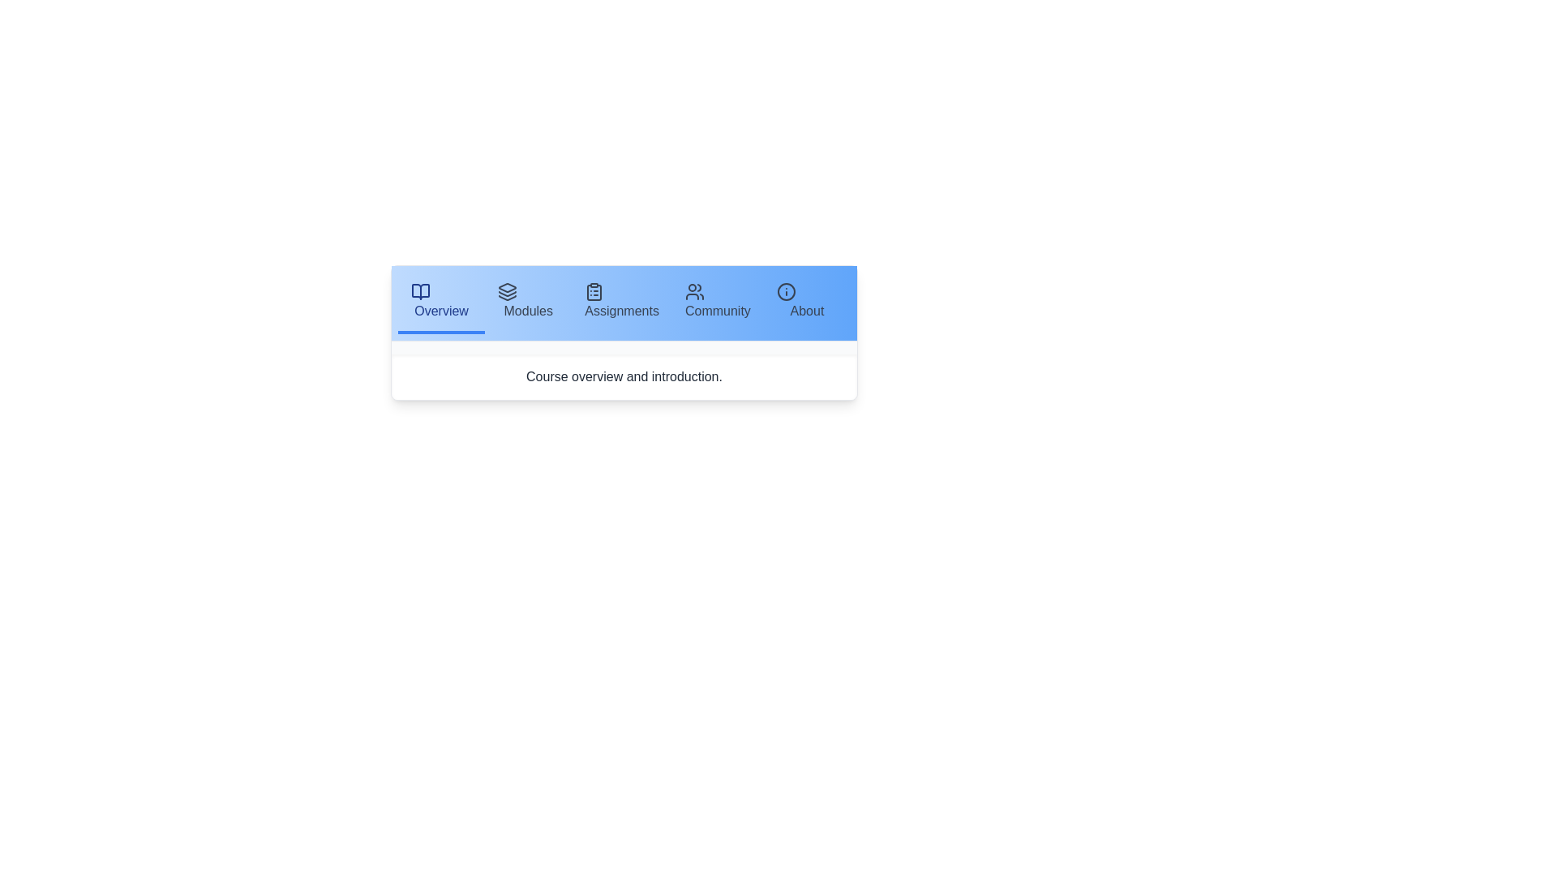 This screenshot has height=876, width=1557. Describe the element at coordinates (441, 311) in the screenshot. I see `the 'Overview' text label within the button in the top navigation bar` at that location.